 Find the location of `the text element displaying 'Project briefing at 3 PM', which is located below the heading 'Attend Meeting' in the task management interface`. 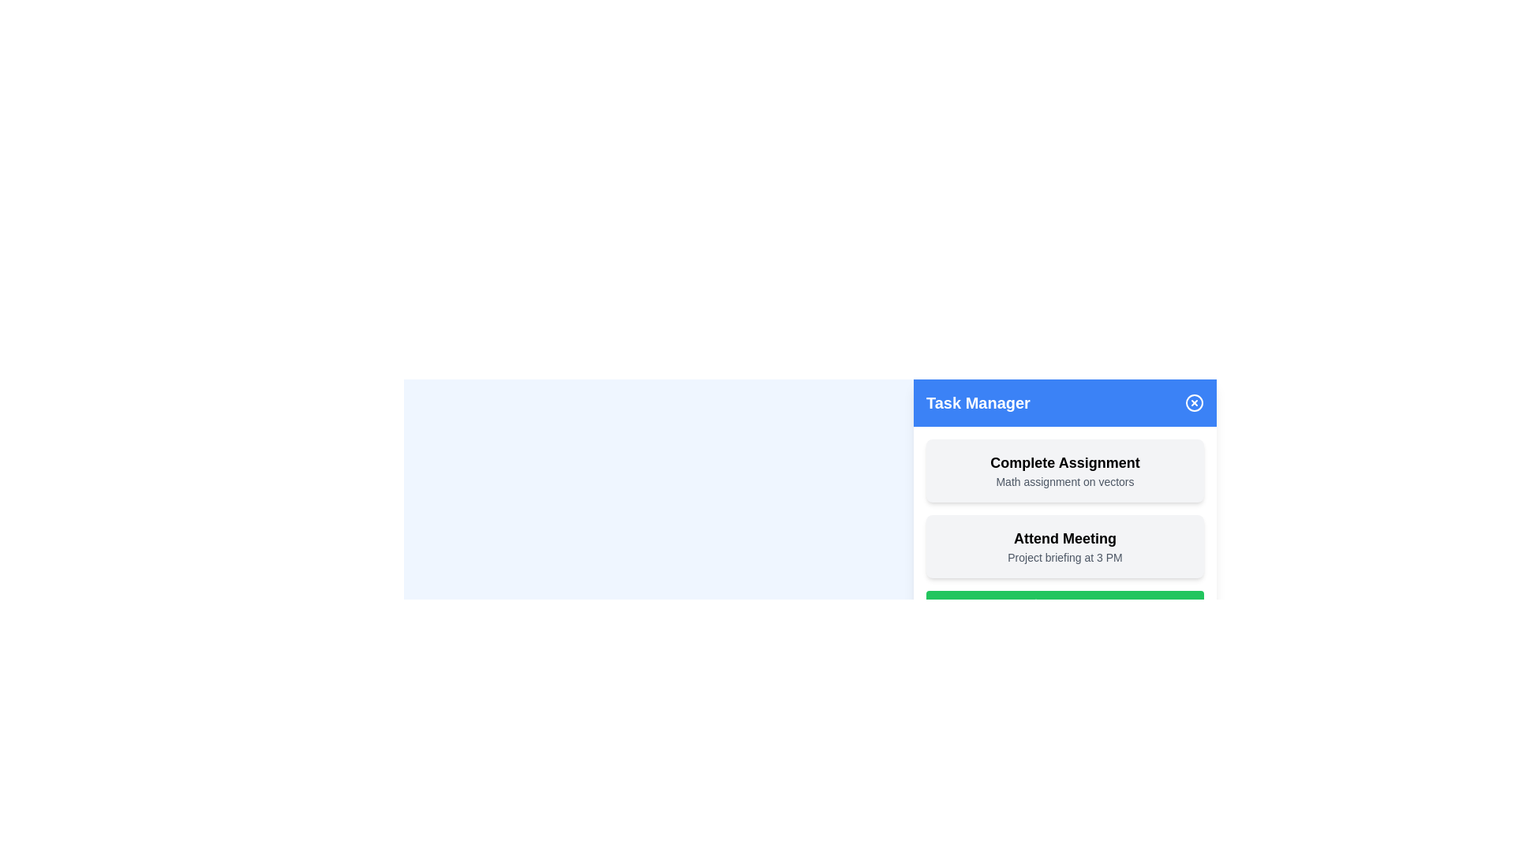

the text element displaying 'Project briefing at 3 PM', which is located below the heading 'Attend Meeting' in the task management interface is located at coordinates (1064, 556).